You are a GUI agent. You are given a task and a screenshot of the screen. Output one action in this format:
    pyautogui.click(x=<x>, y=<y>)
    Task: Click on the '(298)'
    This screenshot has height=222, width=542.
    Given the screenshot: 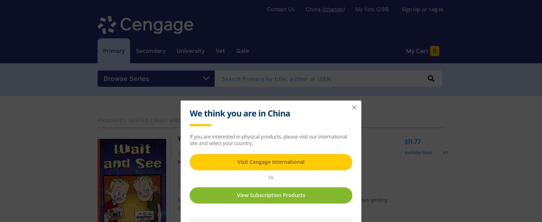 What is the action you would take?
    pyautogui.click(x=382, y=9)
    